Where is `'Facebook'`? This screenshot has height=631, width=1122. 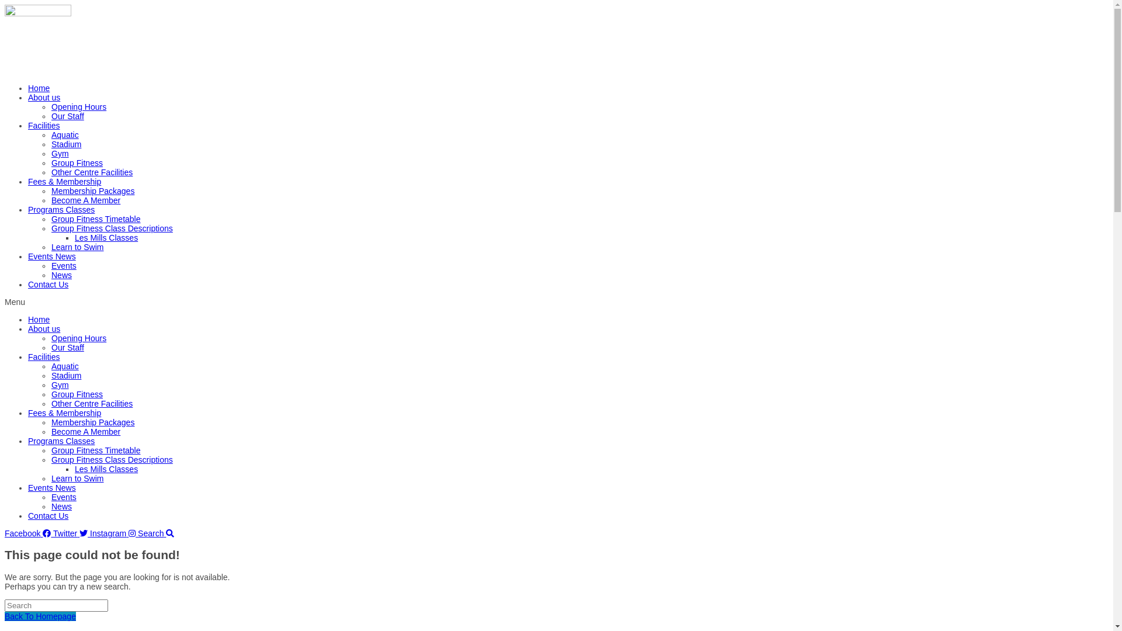
'Facebook' is located at coordinates (29, 533).